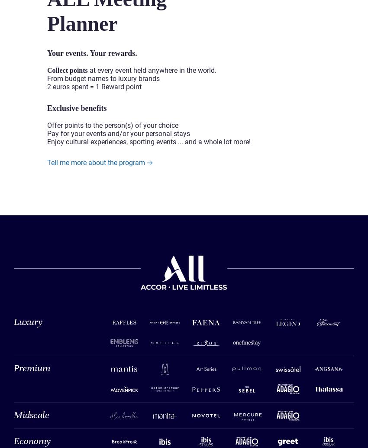  Describe the element at coordinates (32, 367) in the screenshot. I see `'Premium'` at that location.